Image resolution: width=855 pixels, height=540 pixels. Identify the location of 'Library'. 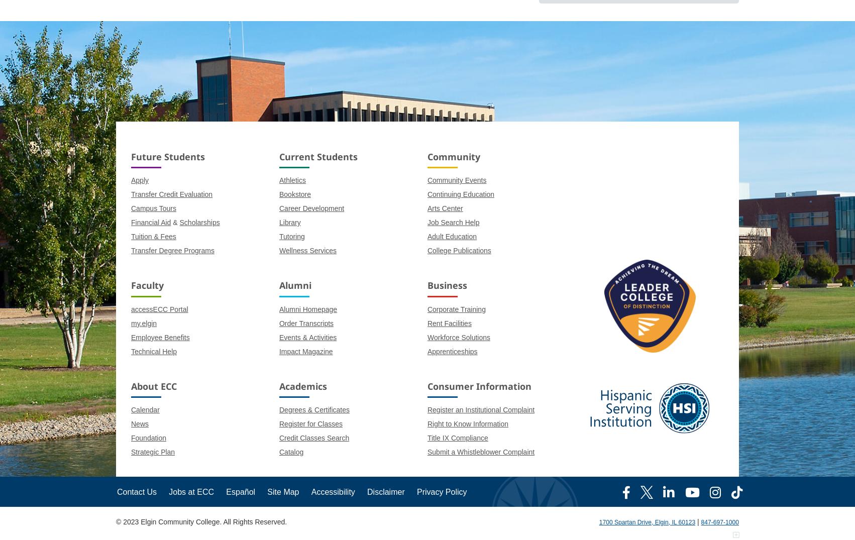
(289, 223).